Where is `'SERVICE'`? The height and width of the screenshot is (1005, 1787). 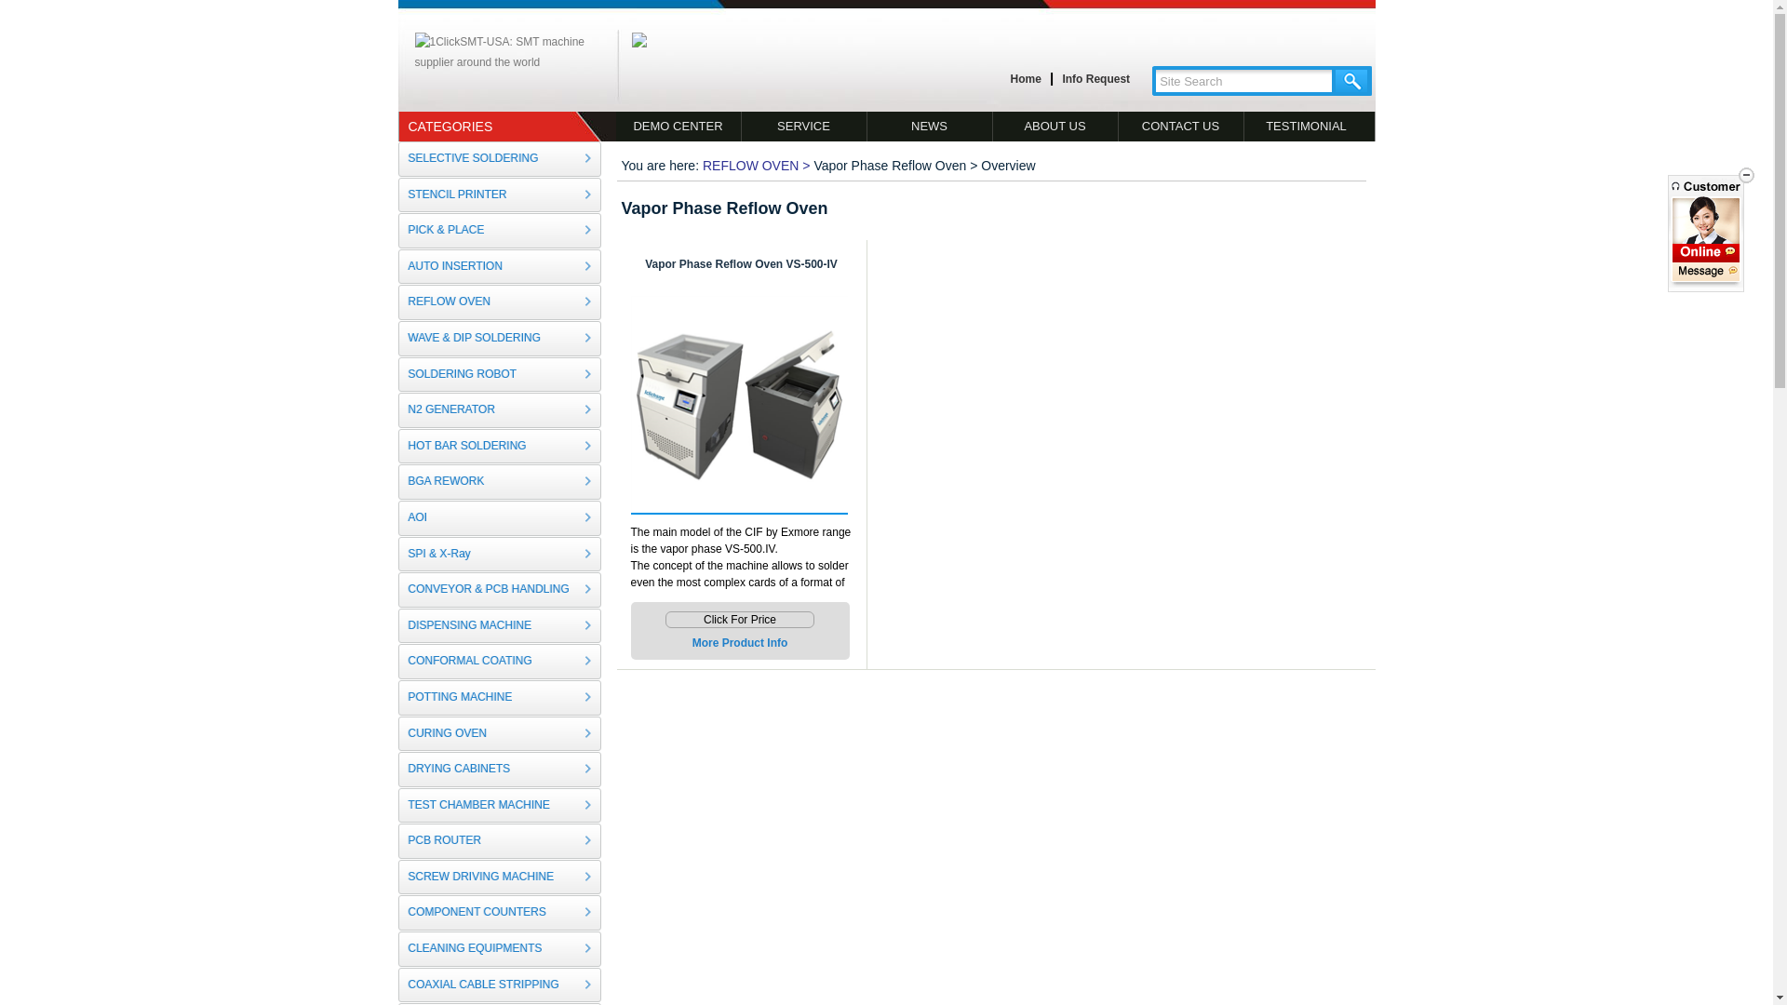 'SERVICE' is located at coordinates (803, 126).